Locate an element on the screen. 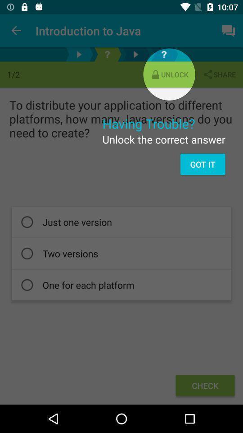 This screenshot has height=433, width=243. help is located at coordinates (107, 54).